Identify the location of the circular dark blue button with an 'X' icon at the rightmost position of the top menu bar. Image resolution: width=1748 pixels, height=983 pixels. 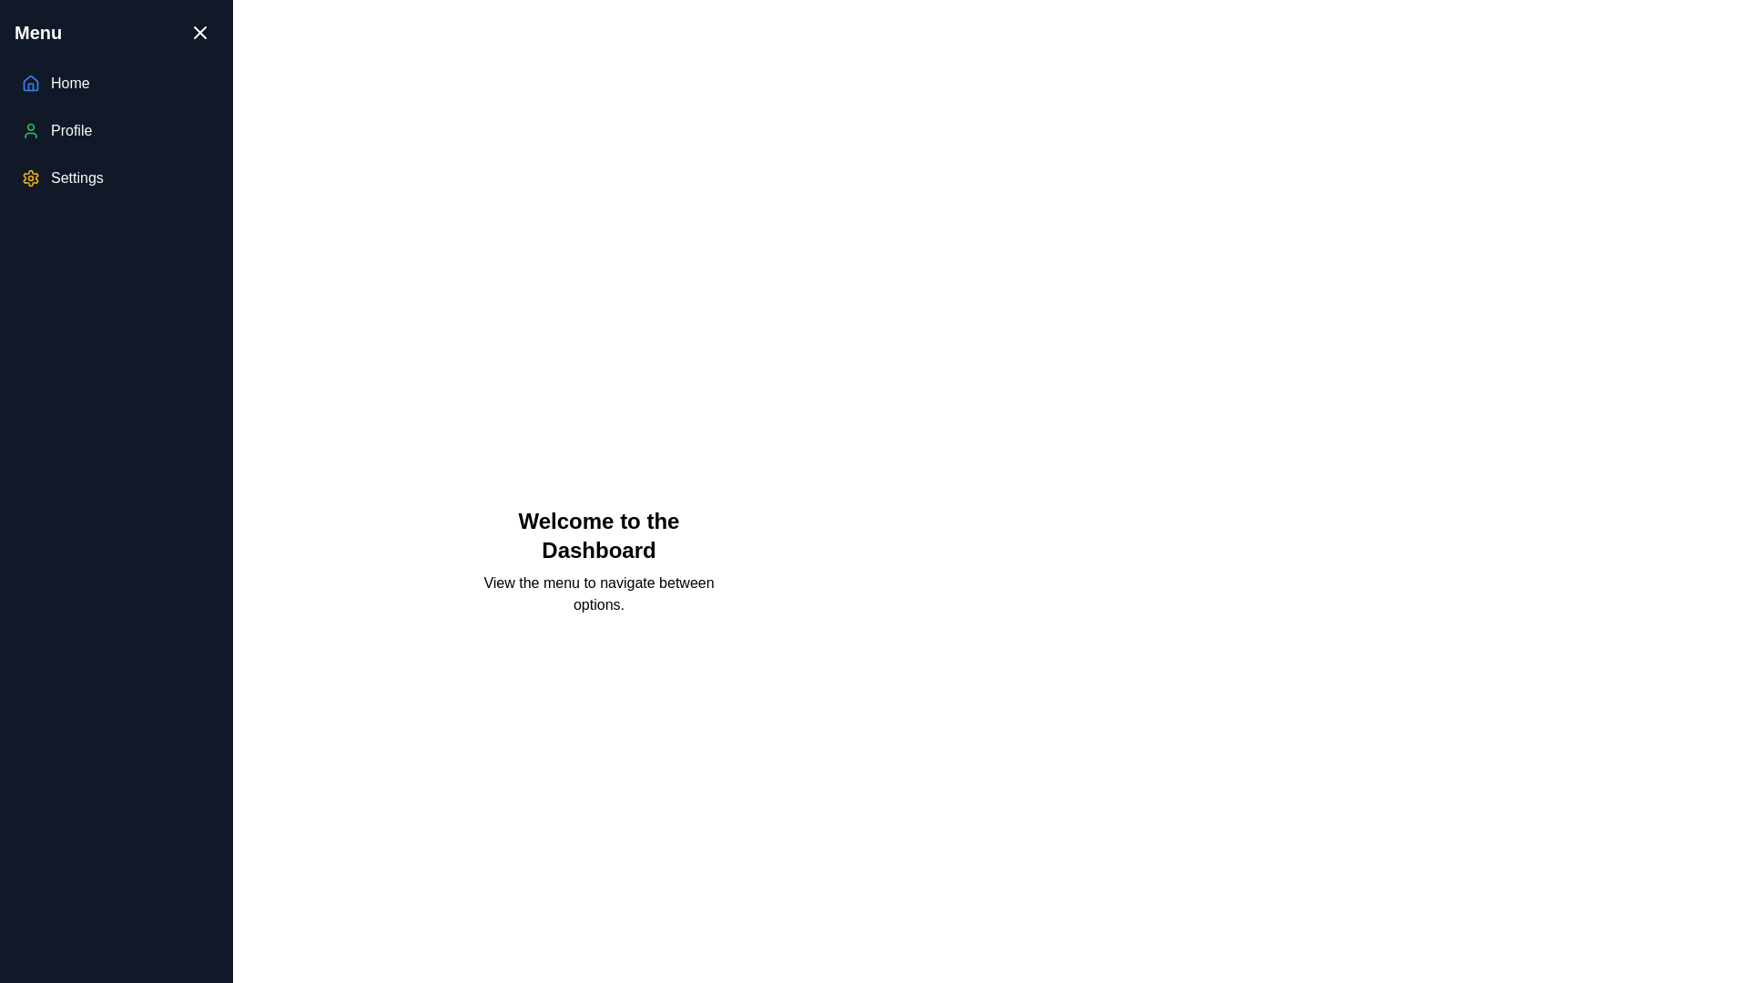
(200, 32).